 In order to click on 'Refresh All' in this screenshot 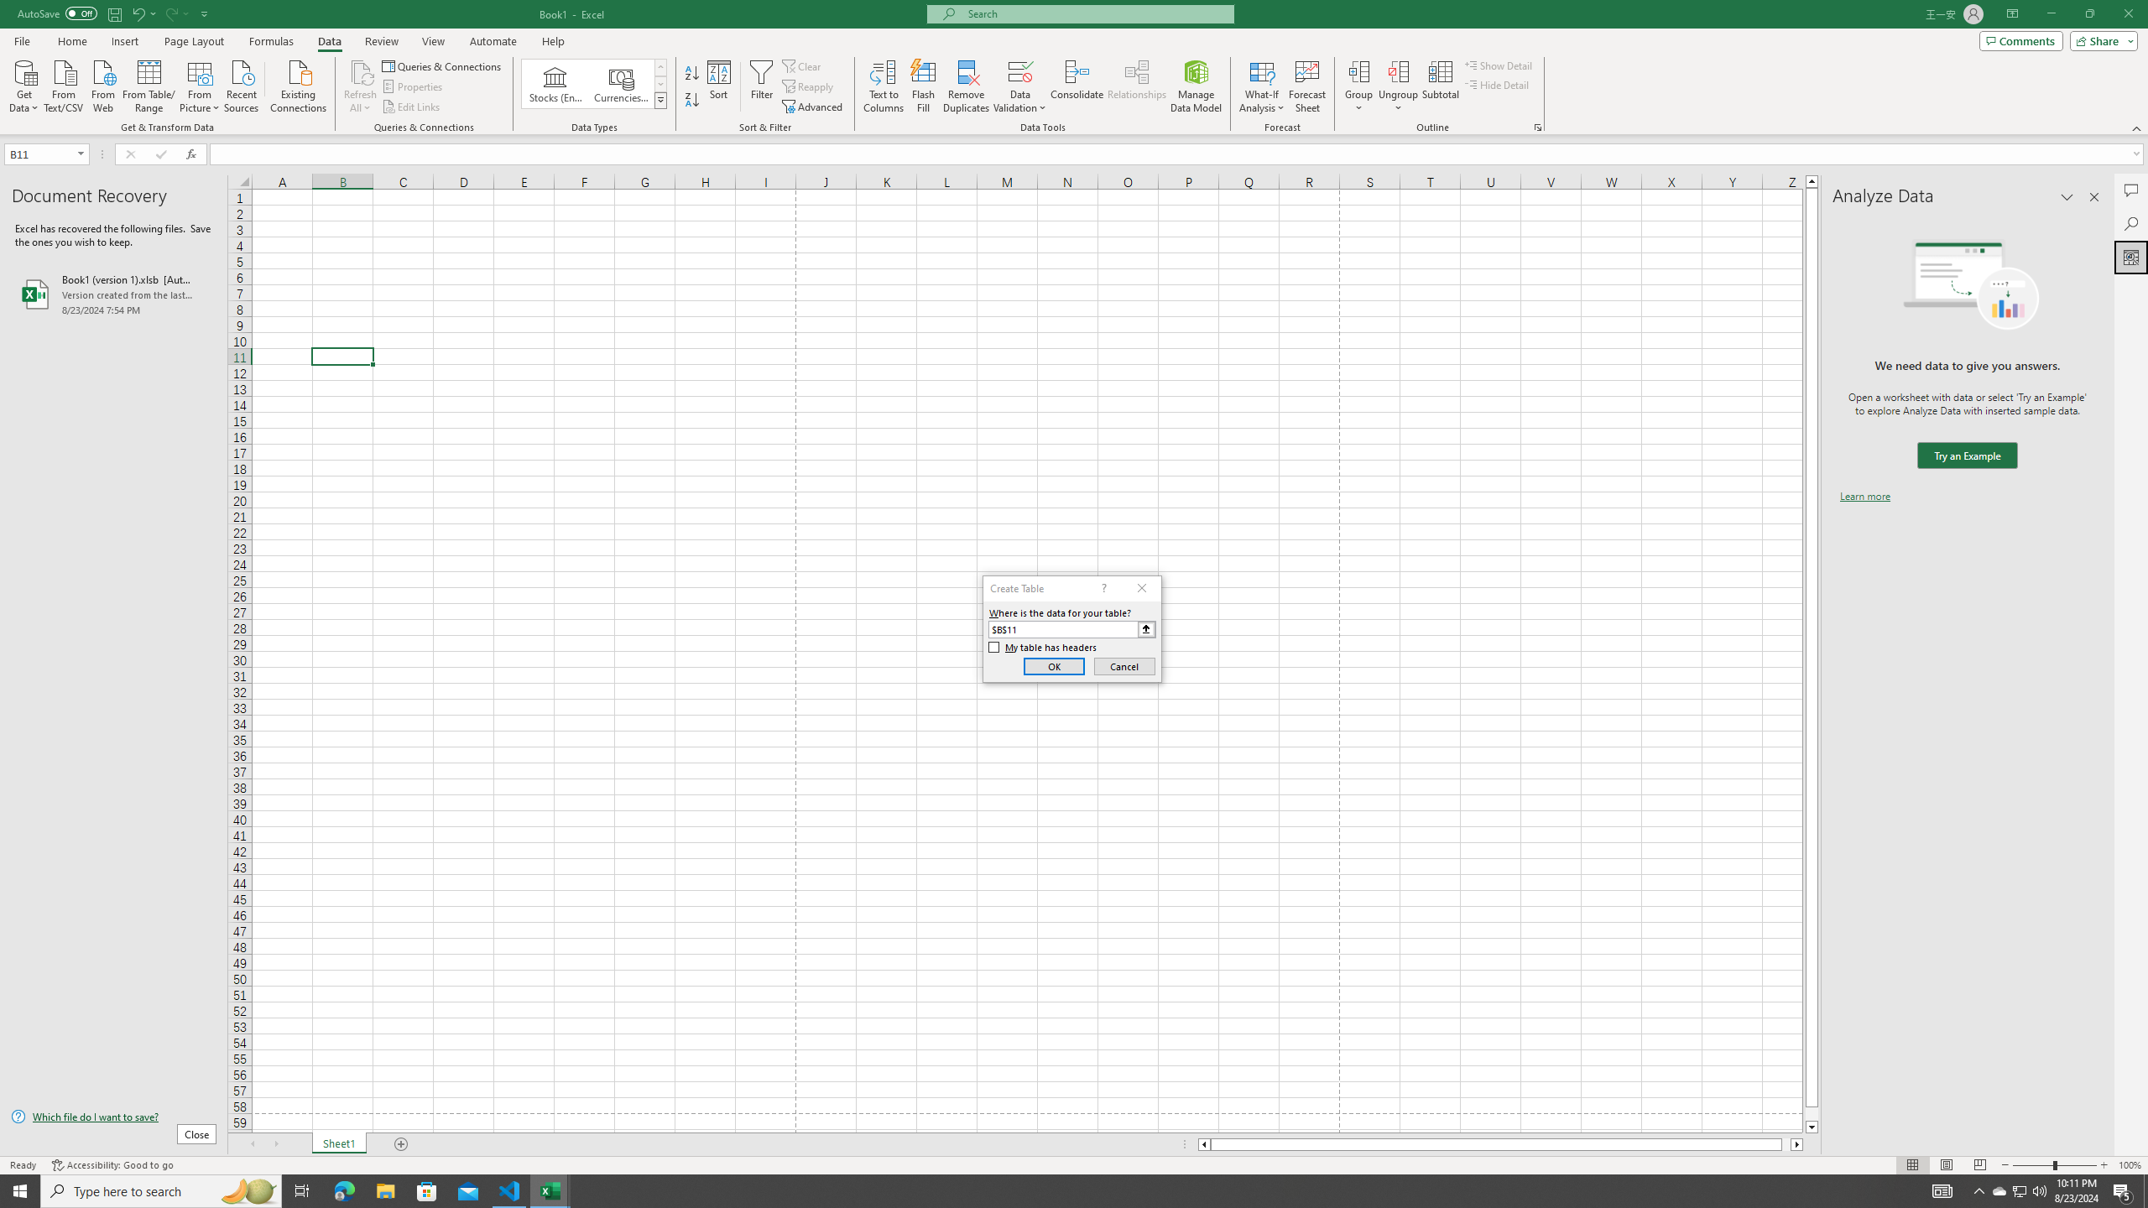, I will do `click(360, 86)`.